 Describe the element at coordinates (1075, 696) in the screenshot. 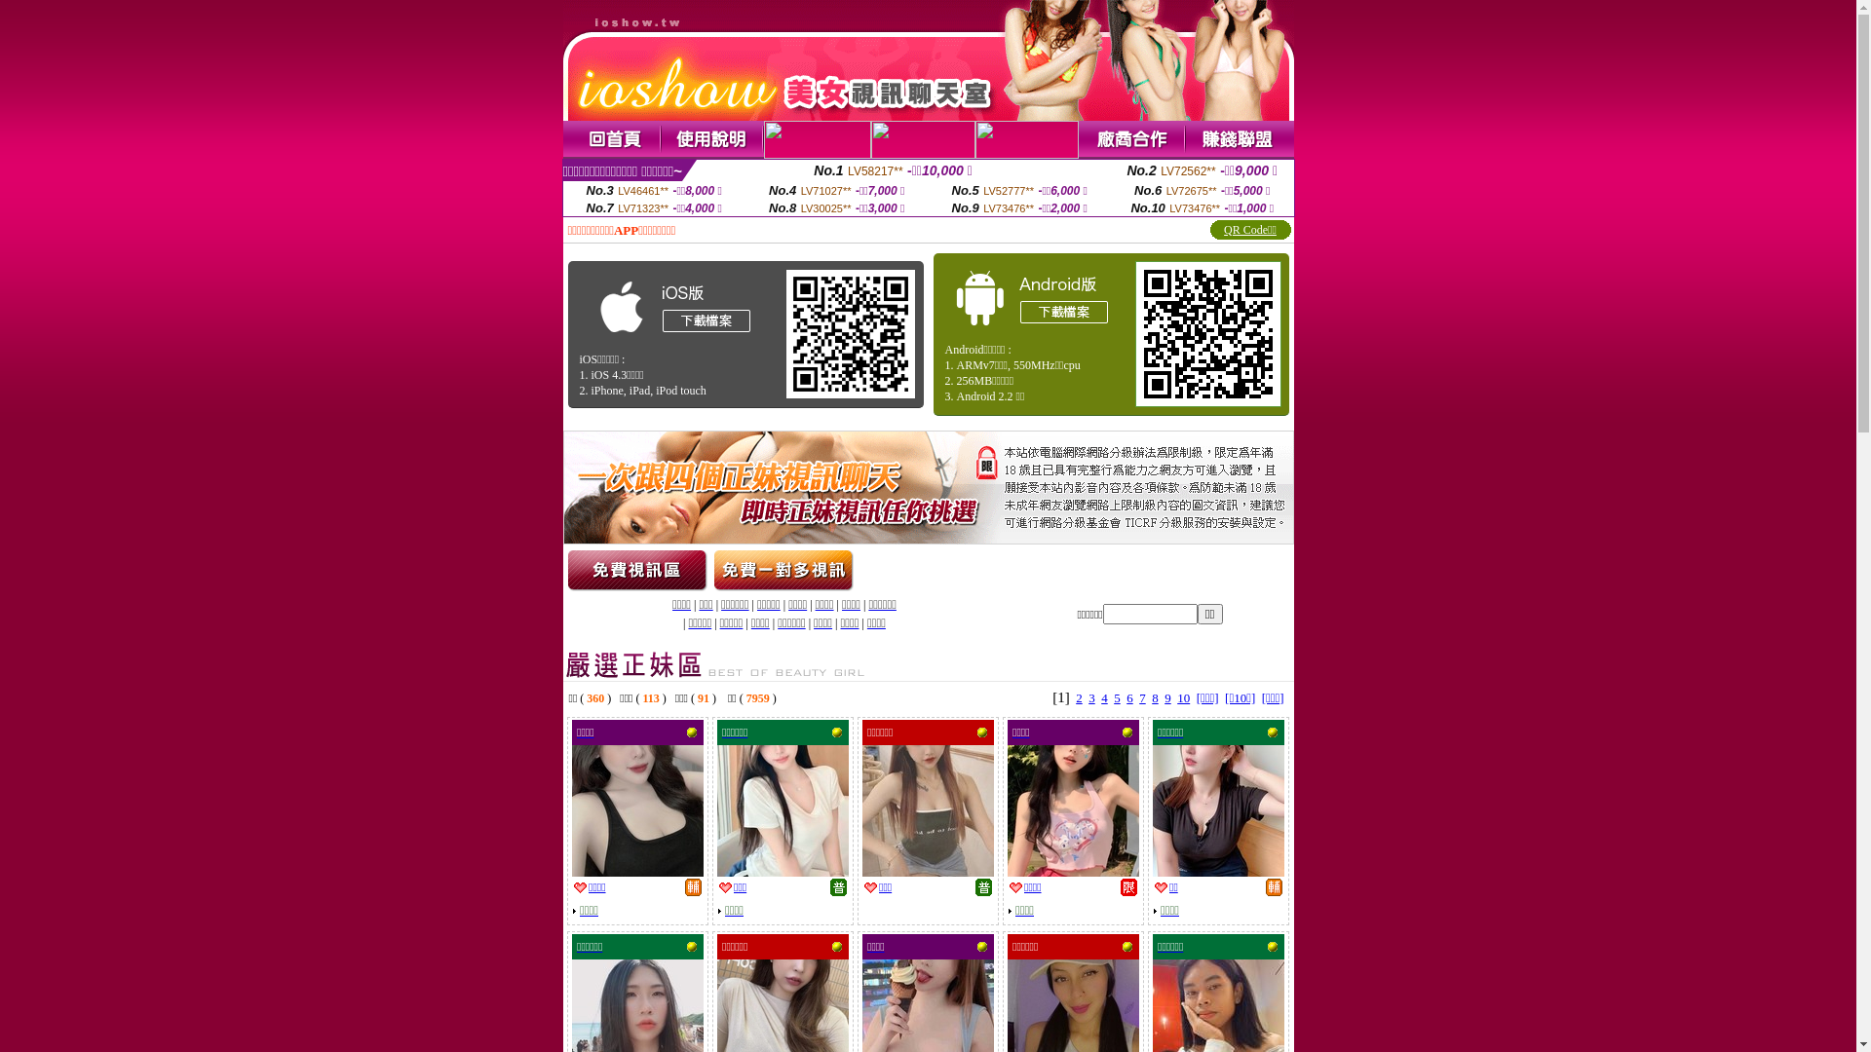

I see `'2'` at that location.